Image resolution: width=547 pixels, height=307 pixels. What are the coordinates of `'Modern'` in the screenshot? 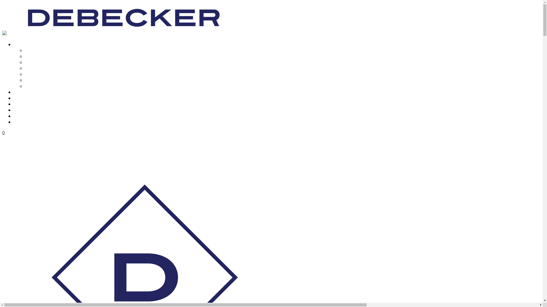 It's located at (32, 62).